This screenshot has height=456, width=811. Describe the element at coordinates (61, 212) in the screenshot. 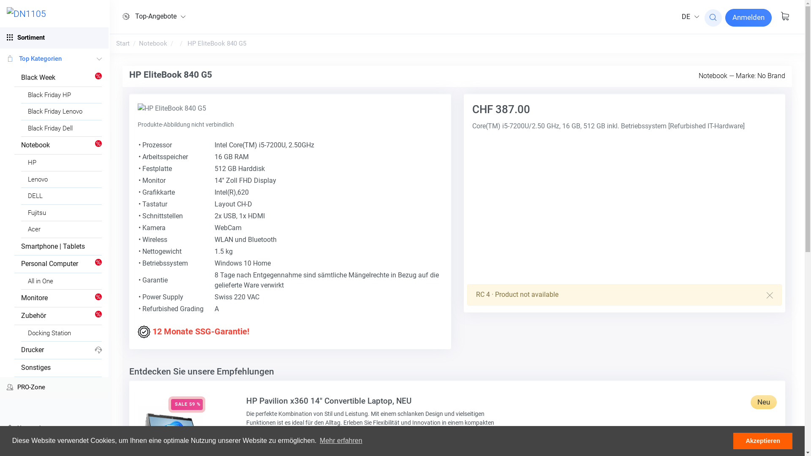

I see `'Fujitsu'` at that location.